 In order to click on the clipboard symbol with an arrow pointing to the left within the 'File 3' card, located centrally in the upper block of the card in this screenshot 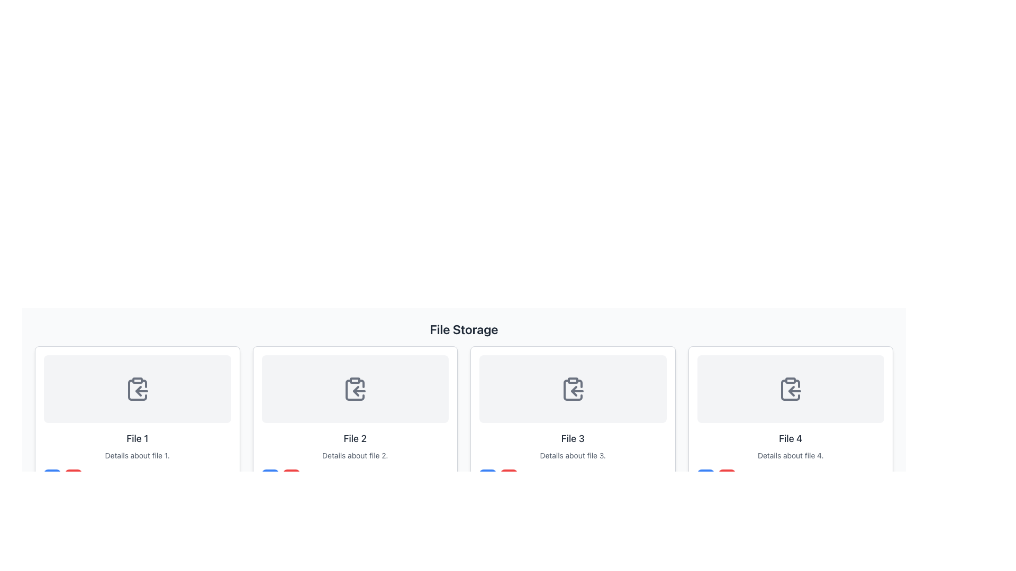, I will do `click(572, 390)`.